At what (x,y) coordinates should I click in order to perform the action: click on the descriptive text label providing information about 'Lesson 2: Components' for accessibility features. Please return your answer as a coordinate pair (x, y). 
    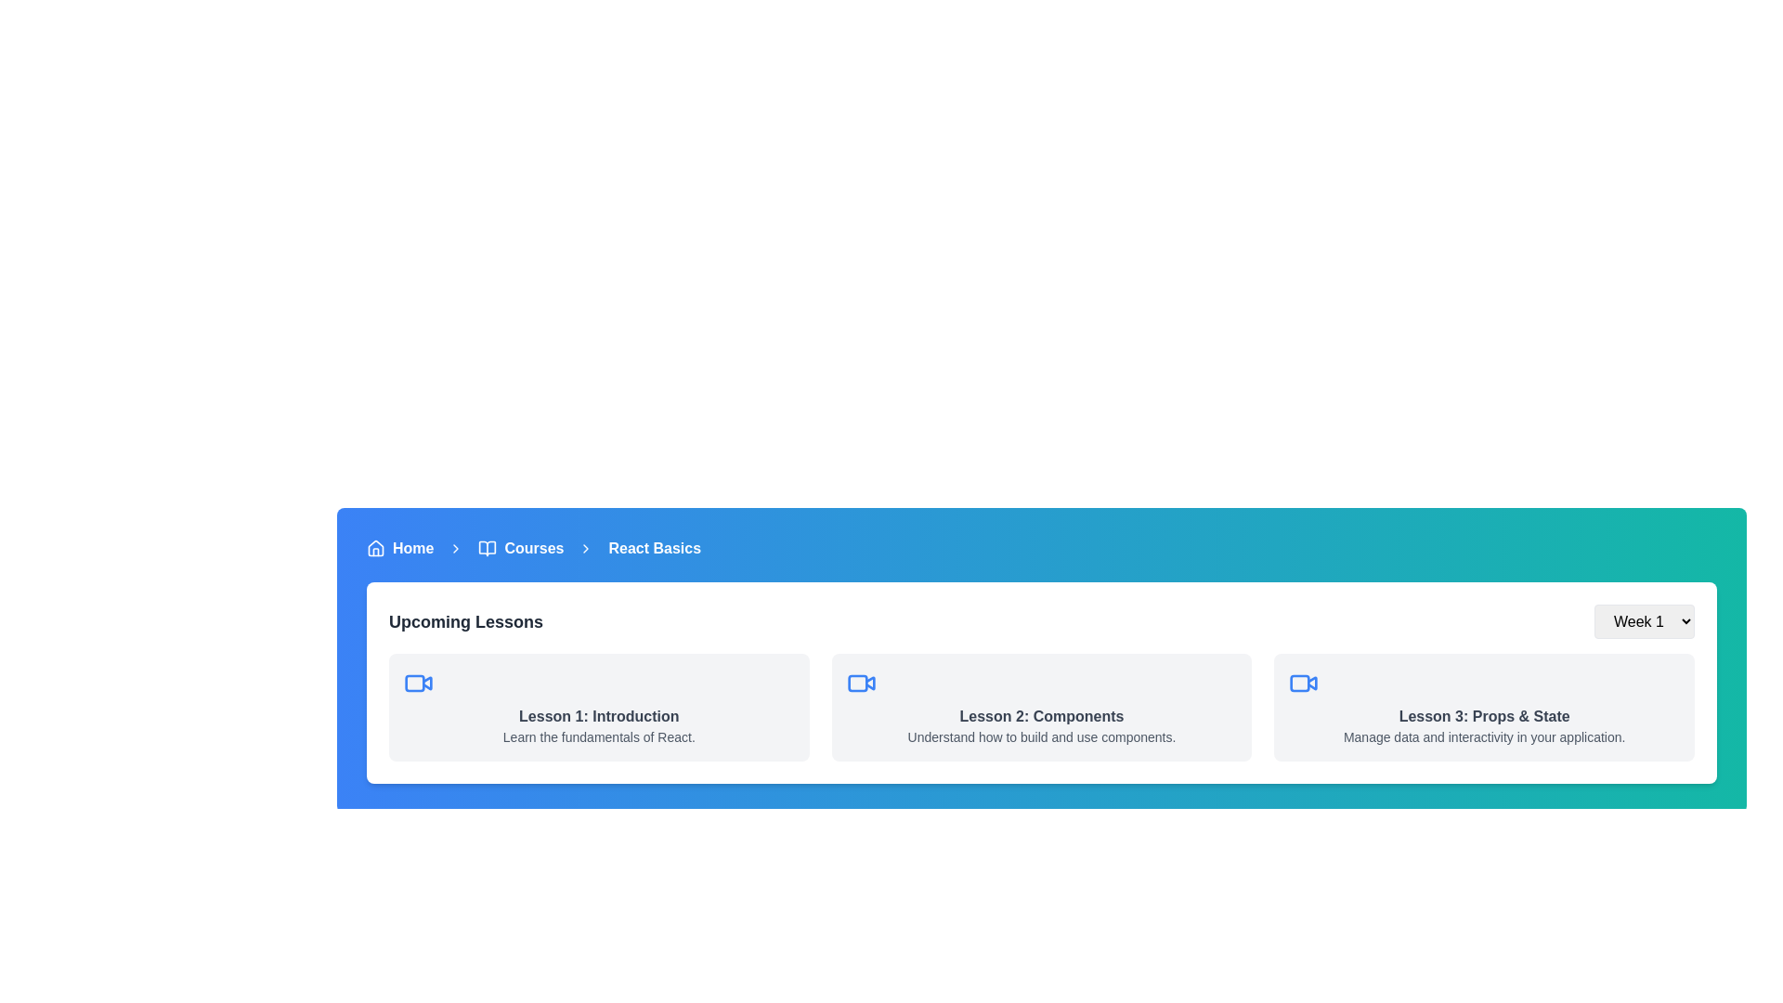
    Looking at the image, I should click on (1042, 736).